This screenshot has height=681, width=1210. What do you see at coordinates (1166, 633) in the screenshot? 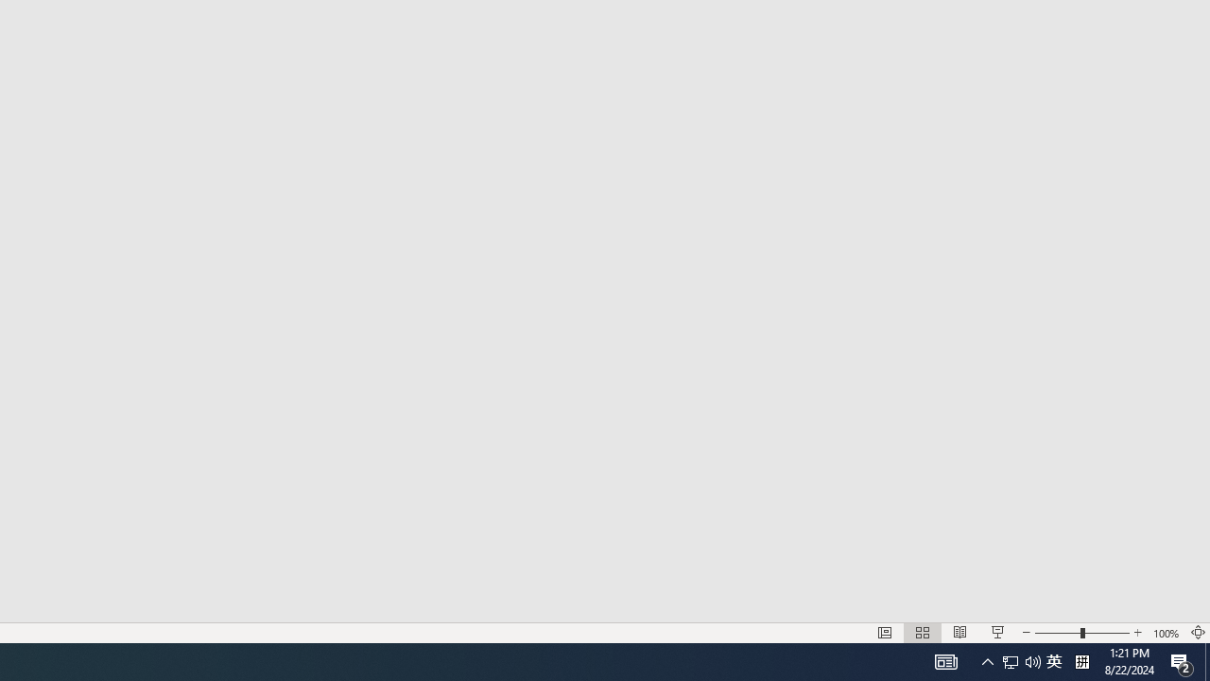
I see `'Zoom 100%'` at bounding box center [1166, 633].